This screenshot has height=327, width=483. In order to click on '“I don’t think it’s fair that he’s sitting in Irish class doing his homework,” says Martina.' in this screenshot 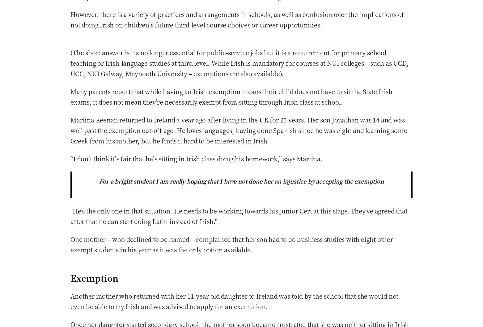, I will do `click(196, 158)`.